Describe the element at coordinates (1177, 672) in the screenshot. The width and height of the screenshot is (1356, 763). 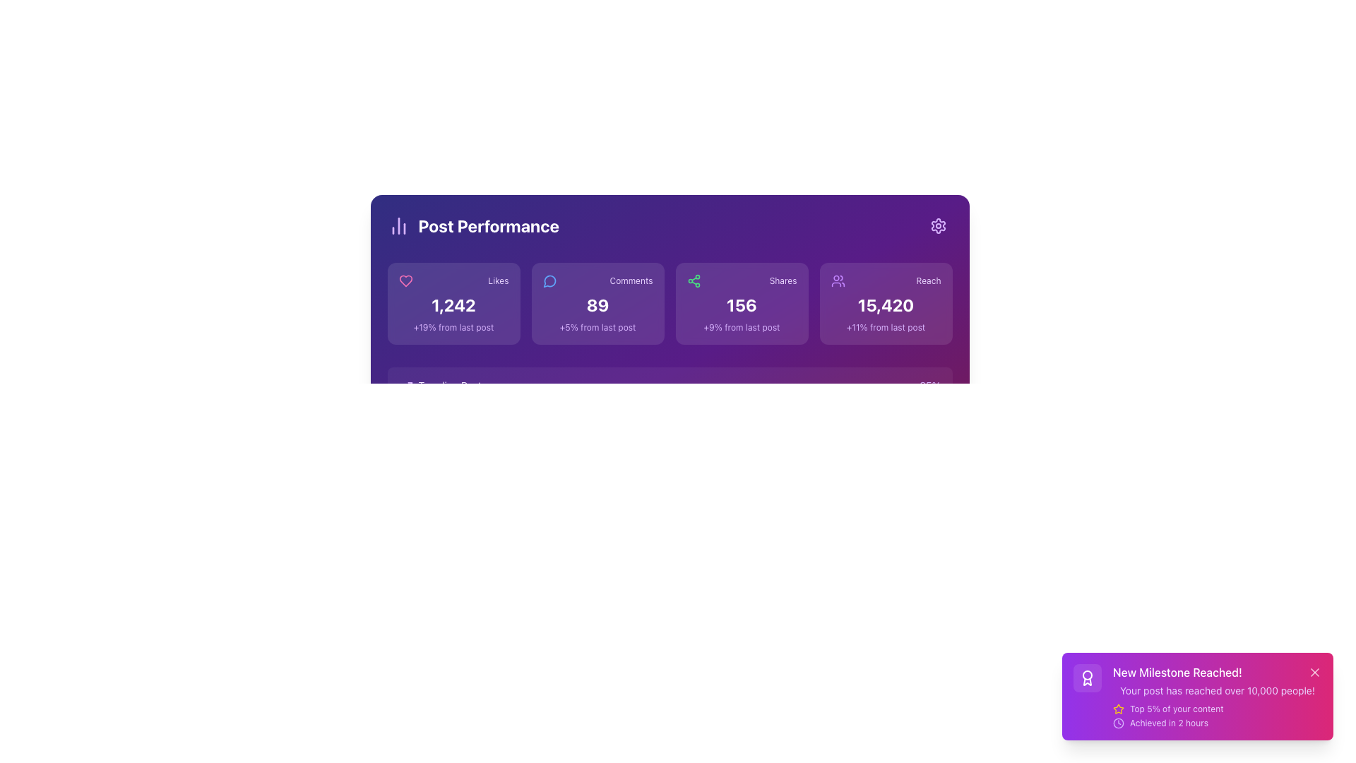
I see `the prominently styled text label 'New Milestone Reached!' displayed in white font against a vibrant gradient background, located in the bottom-right corner of the interface within a notification card` at that location.